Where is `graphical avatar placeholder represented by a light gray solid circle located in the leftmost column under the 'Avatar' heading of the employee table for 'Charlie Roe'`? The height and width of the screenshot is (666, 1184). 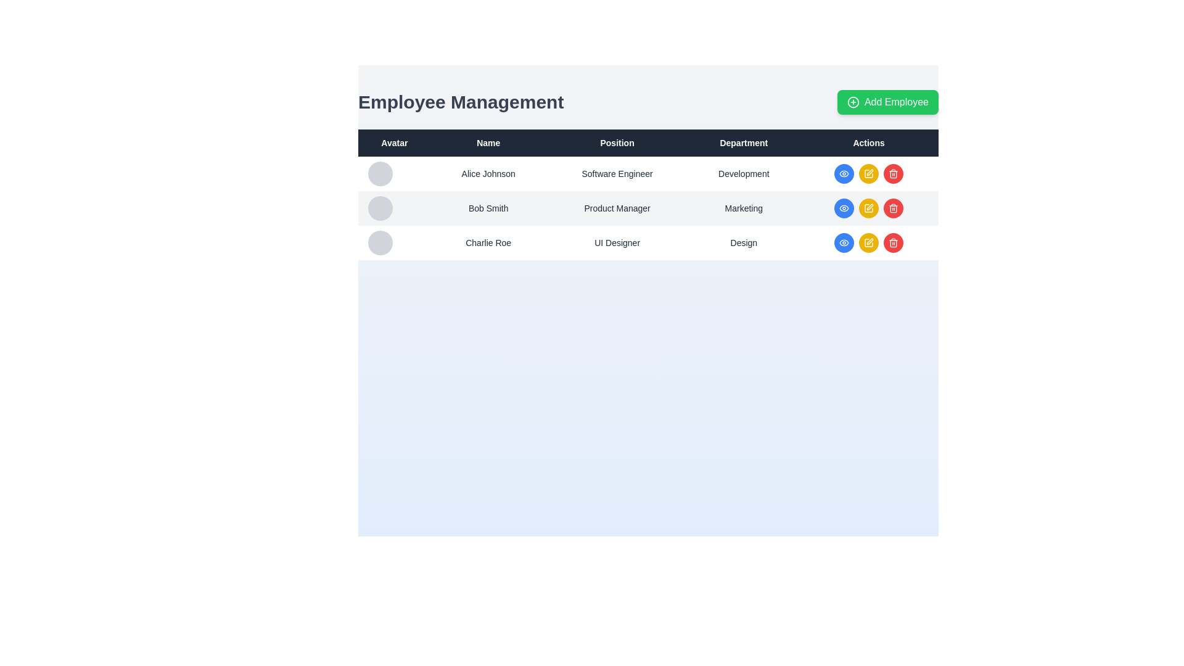 graphical avatar placeholder represented by a light gray solid circle located in the leftmost column under the 'Avatar' heading of the employee table for 'Charlie Roe' is located at coordinates (393, 242).